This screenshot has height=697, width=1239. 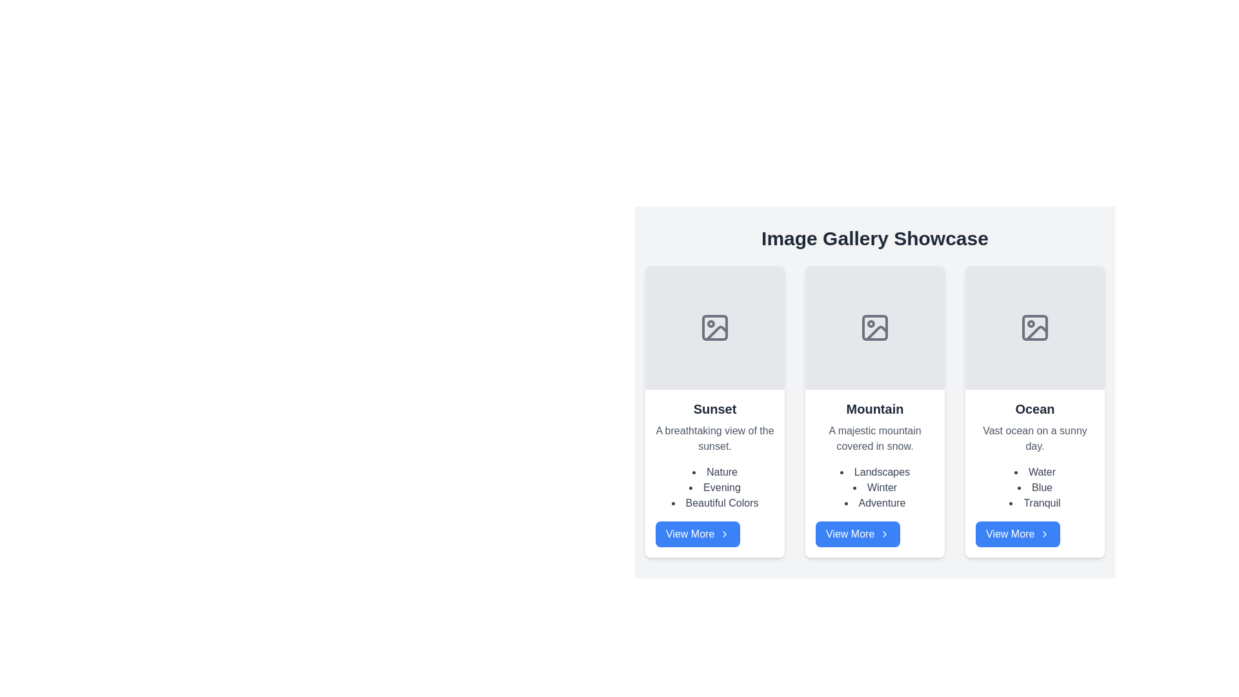 I want to click on the graphical decoration rectangular shape within the icon located in the middle card of the three-card layout in the gallery, so click(x=875, y=327).